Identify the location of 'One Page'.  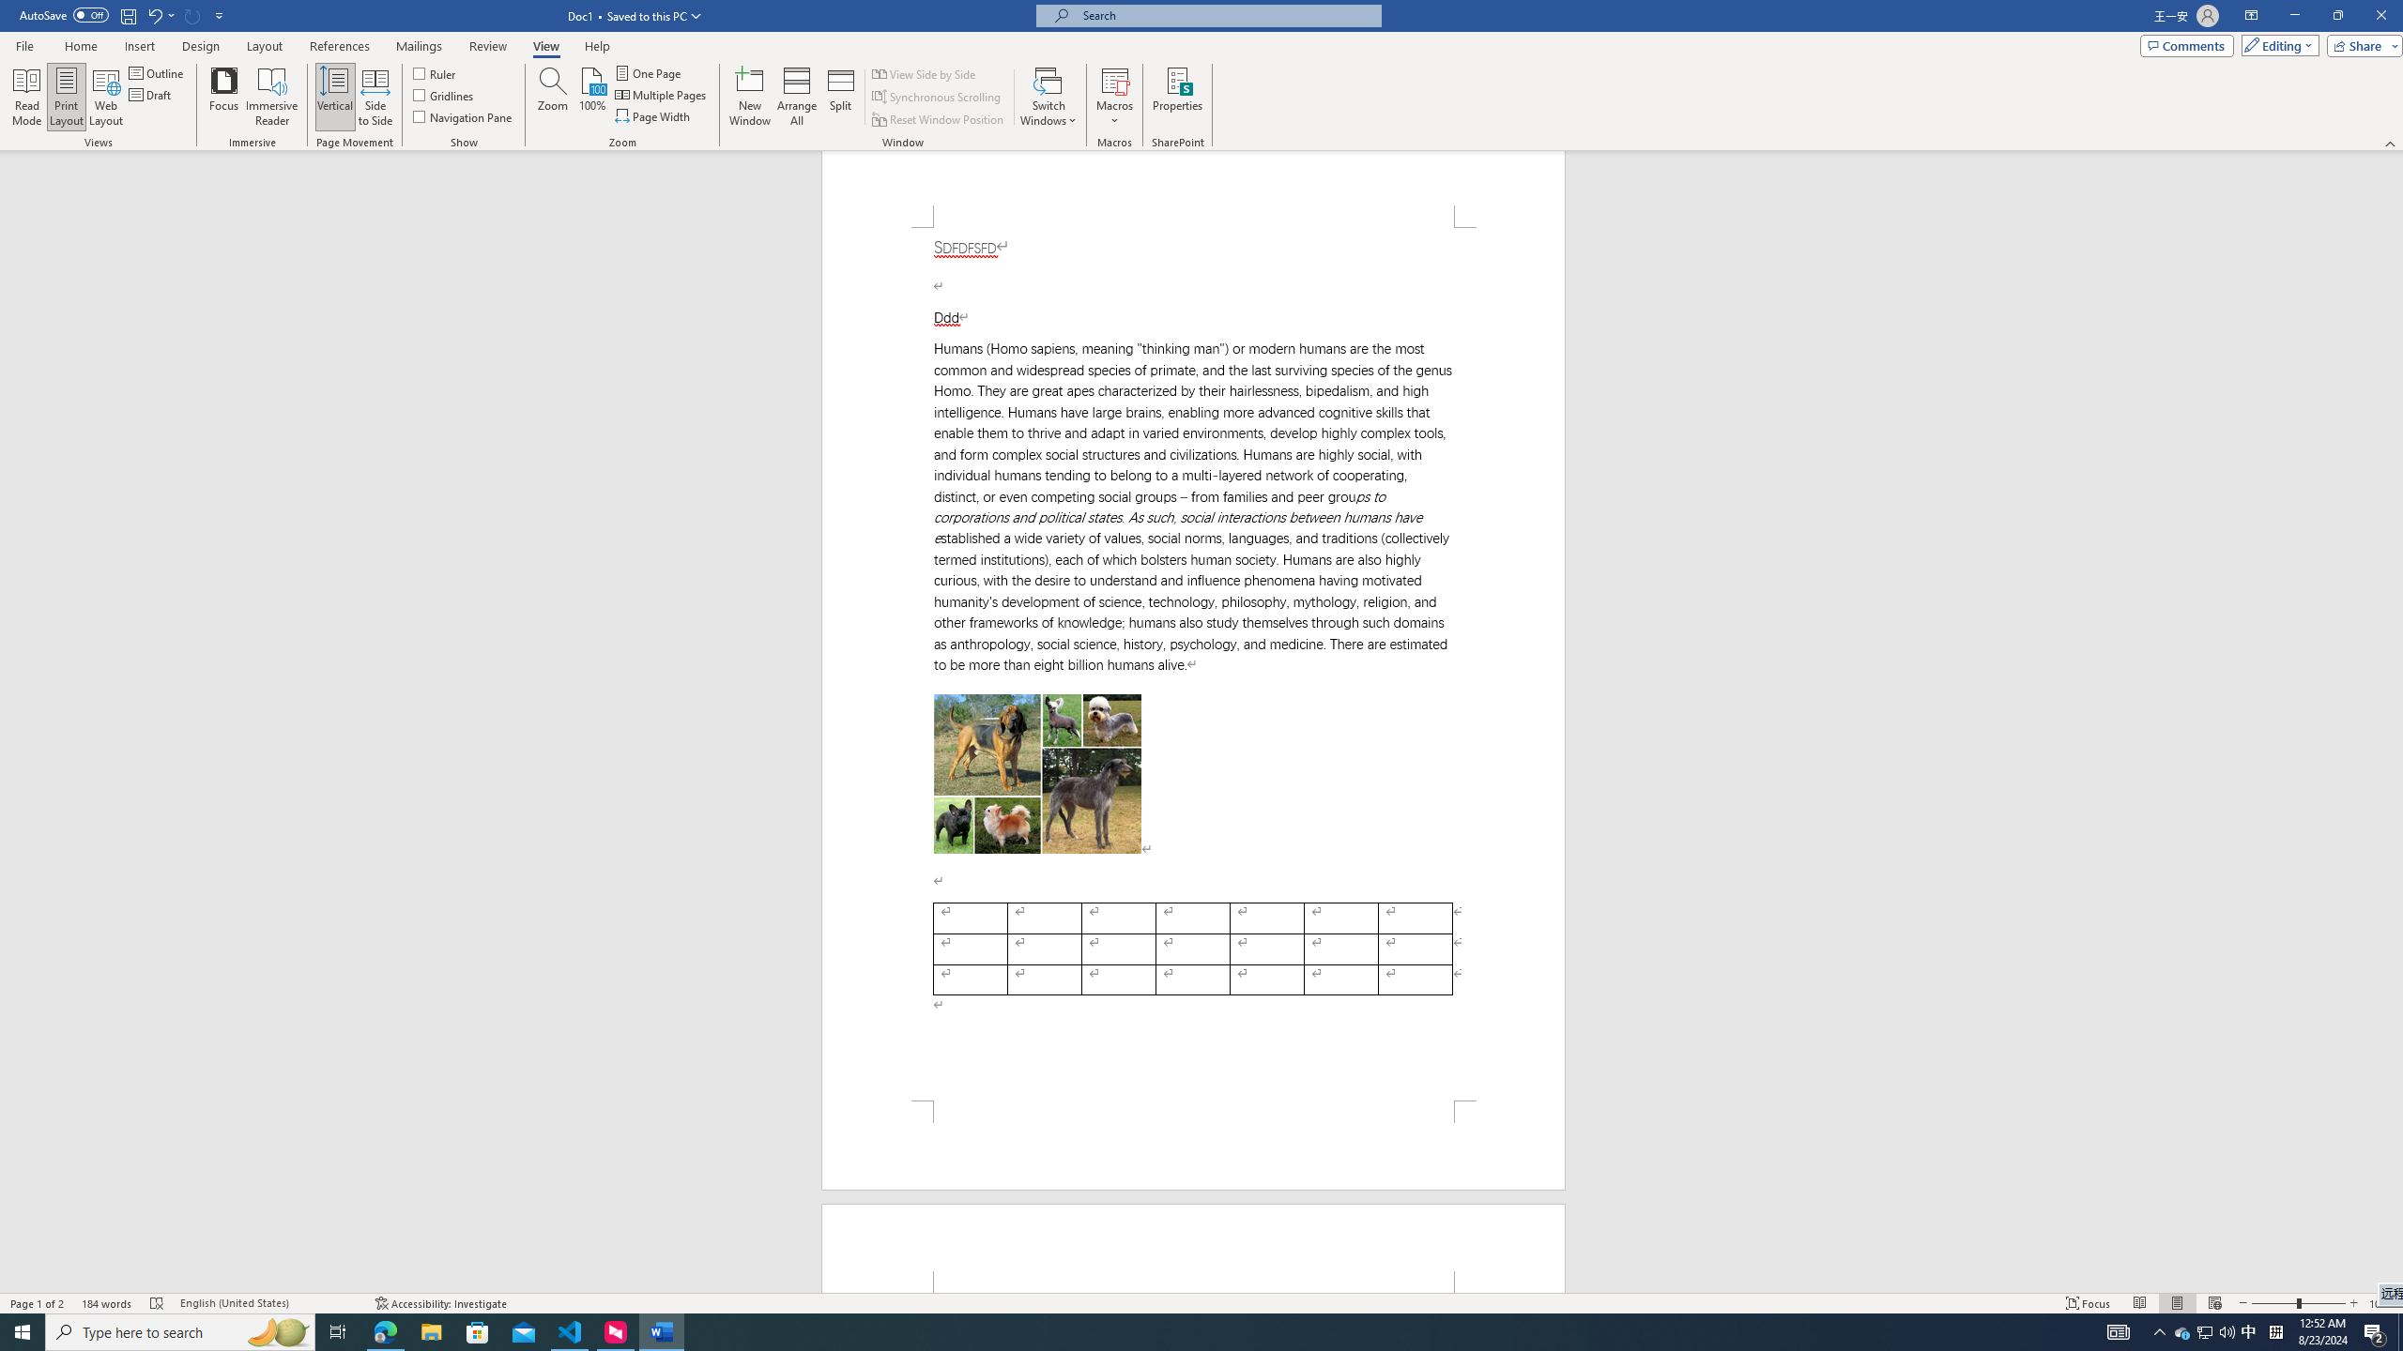
(650, 72).